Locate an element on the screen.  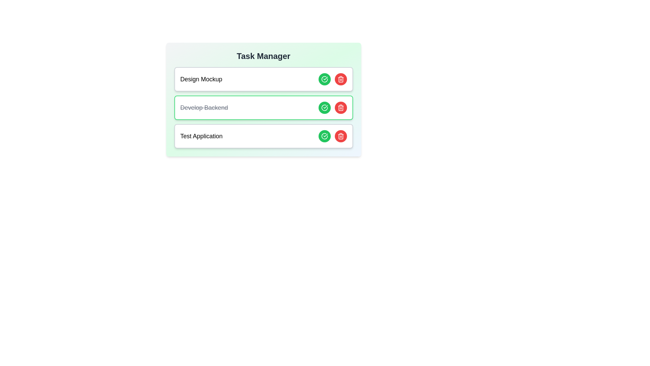
delete button for the task titled 'Design Mockup' is located at coordinates (341, 79).